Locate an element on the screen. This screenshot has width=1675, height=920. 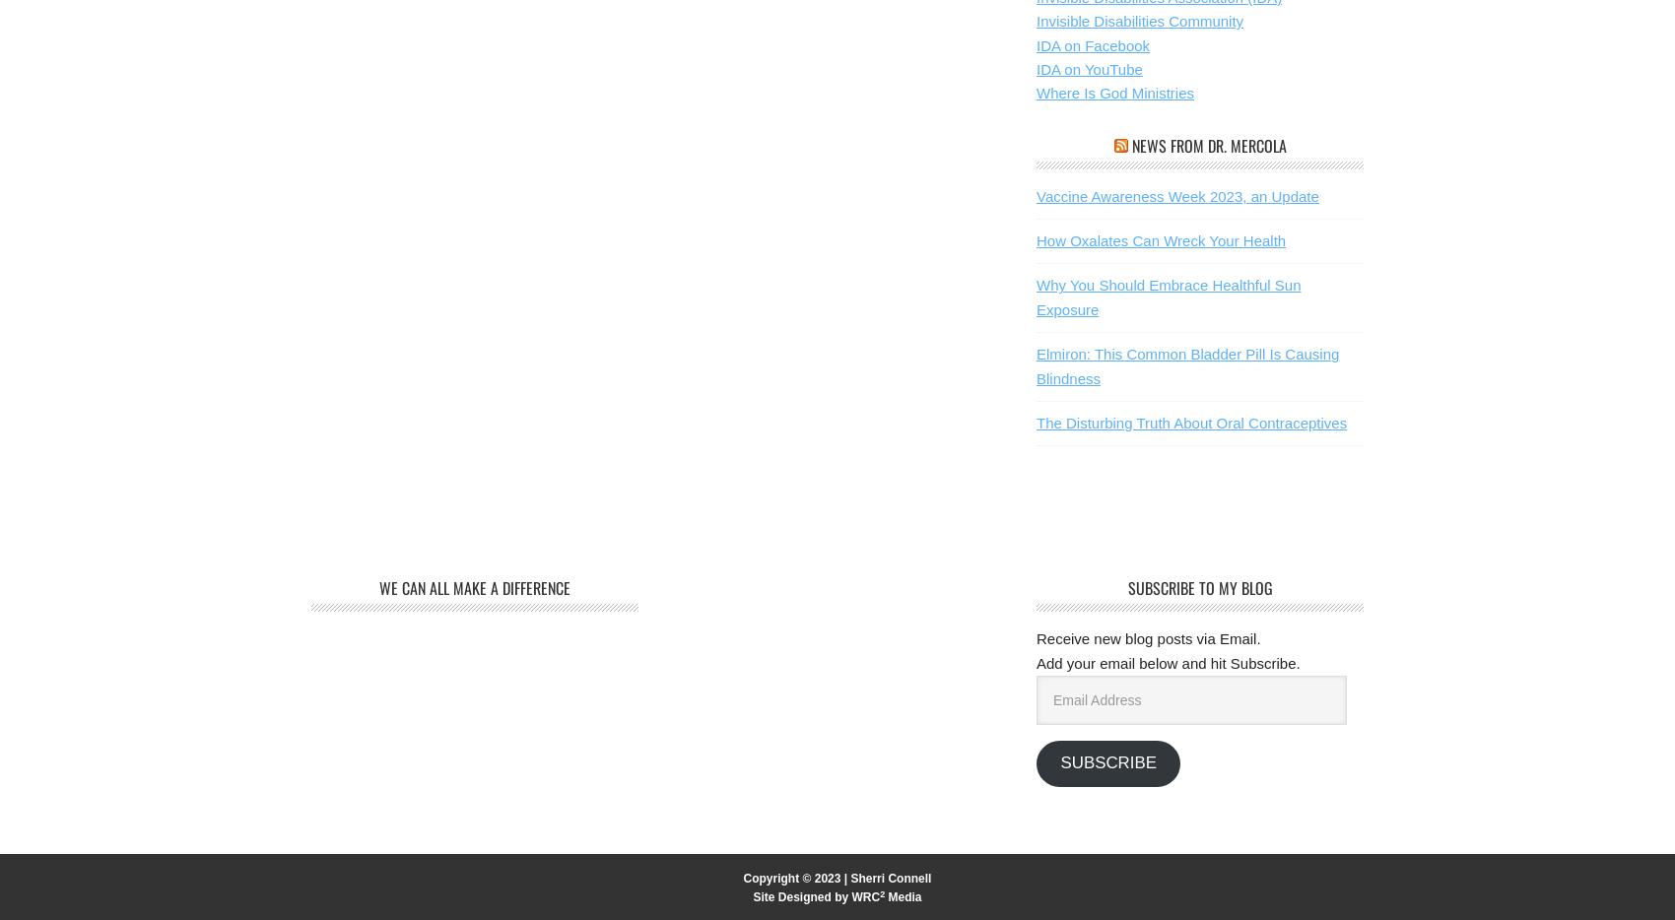
'We Can All Make a Difference' is located at coordinates (474, 587).